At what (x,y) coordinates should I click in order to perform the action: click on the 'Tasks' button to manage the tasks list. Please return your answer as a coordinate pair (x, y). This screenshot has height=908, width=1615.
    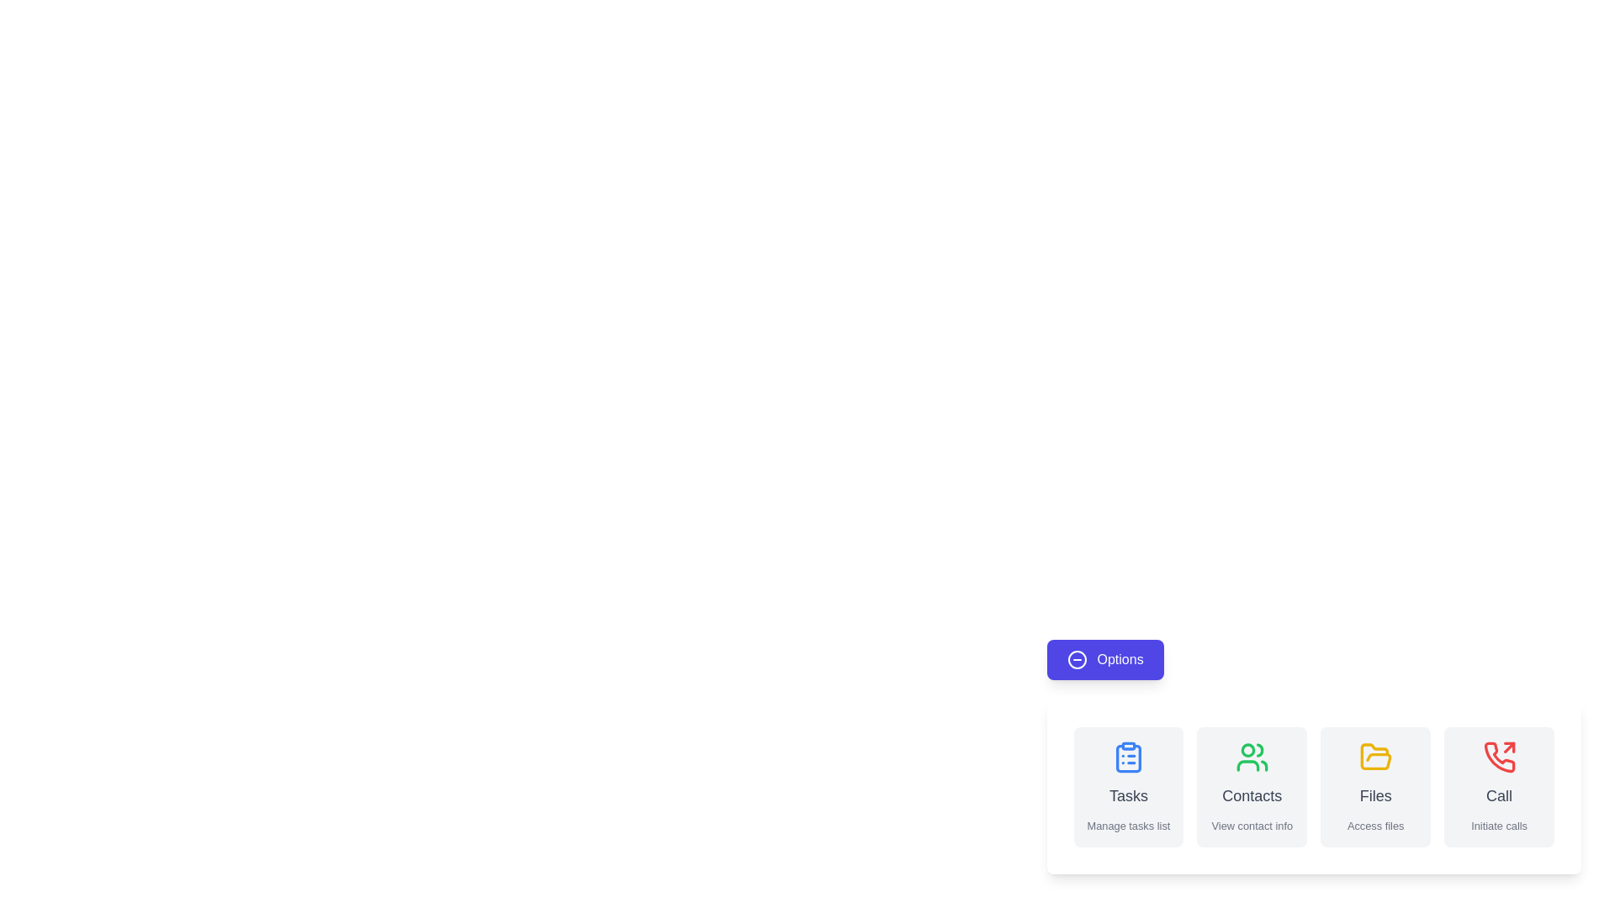
    Looking at the image, I should click on (1128, 787).